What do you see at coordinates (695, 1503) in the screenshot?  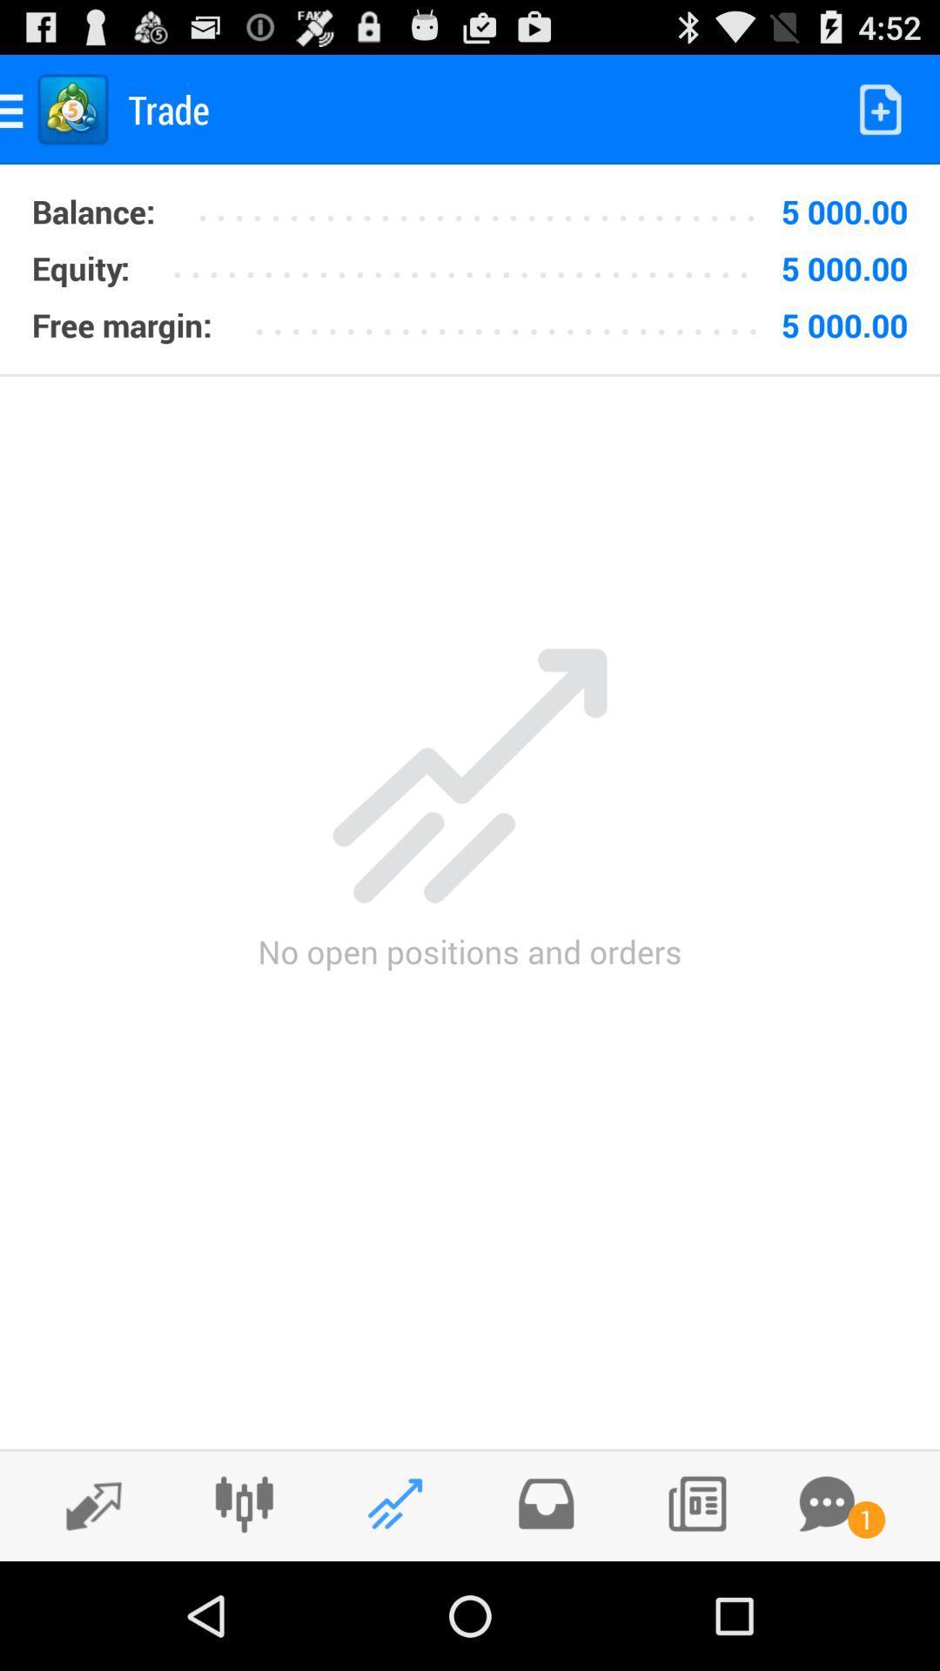 I see `contacts` at bounding box center [695, 1503].